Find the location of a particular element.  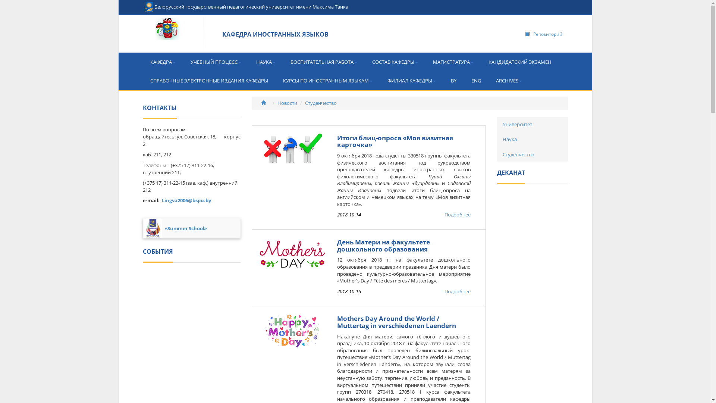

'ARCHIVES' is located at coordinates (508, 81).